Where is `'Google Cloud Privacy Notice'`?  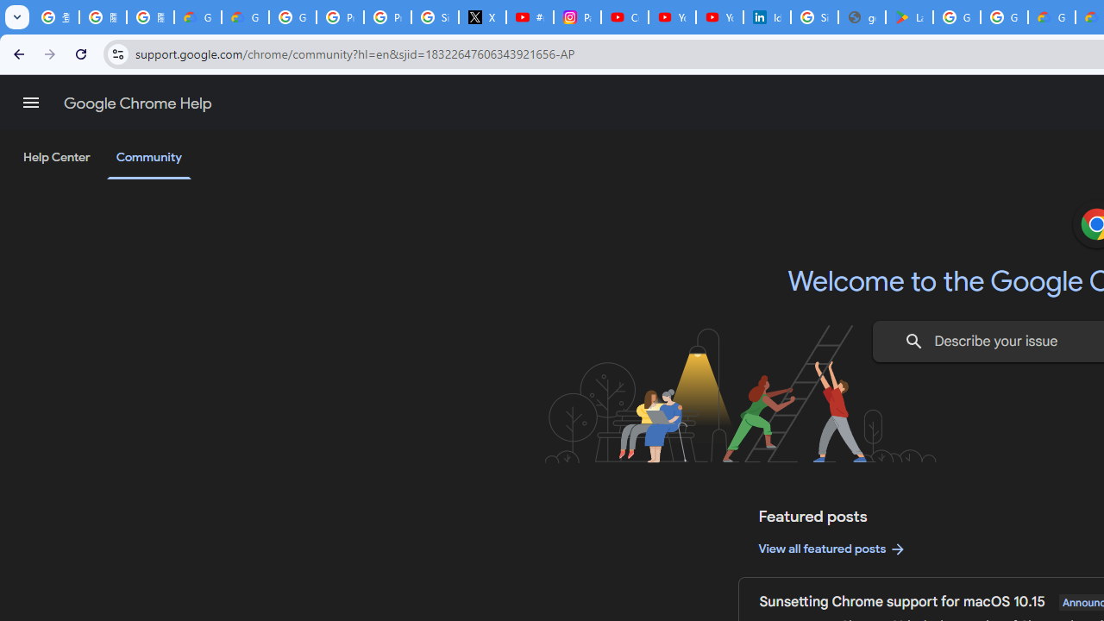 'Google Cloud Privacy Notice' is located at coordinates (198, 17).